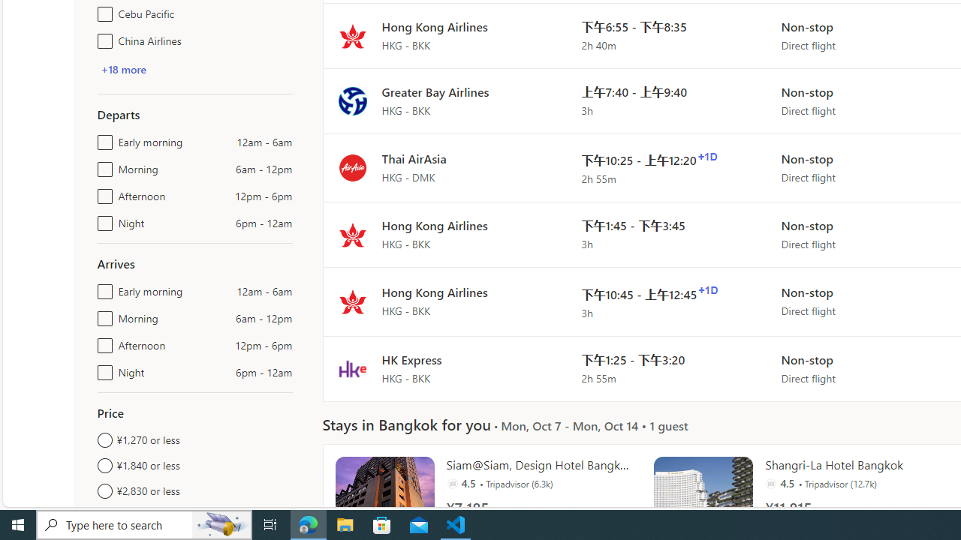 The image size is (961, 540). What do you see at coordinates (123, 69) in the screenshot?
I see `'+18 more'` at bounding box center [123, 69].